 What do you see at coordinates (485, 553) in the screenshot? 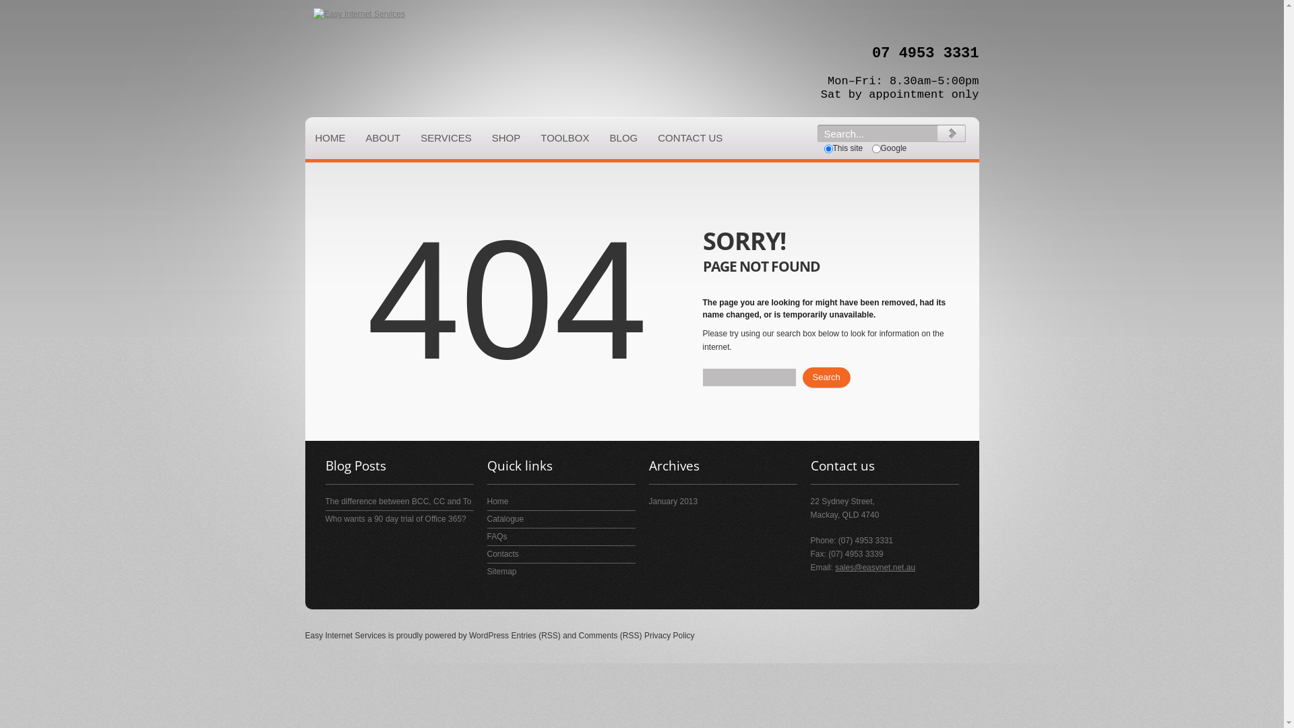
I see `'Contacts'` at bounding box center [485, 553].